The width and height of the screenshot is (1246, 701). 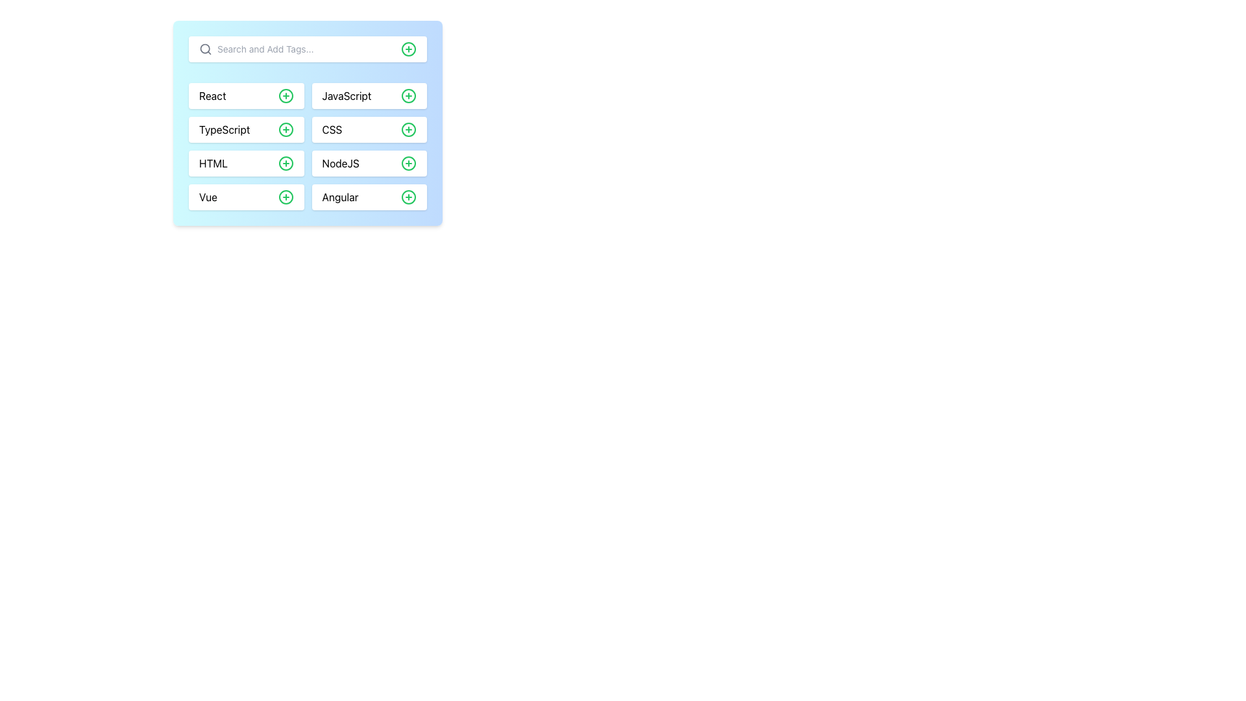 I want to click on the non-interactive text label representing 'JavaScript', which is centrally located in the second button of the first row, surrounded by 'React' and 'CSS', so click(x=347, y=95).